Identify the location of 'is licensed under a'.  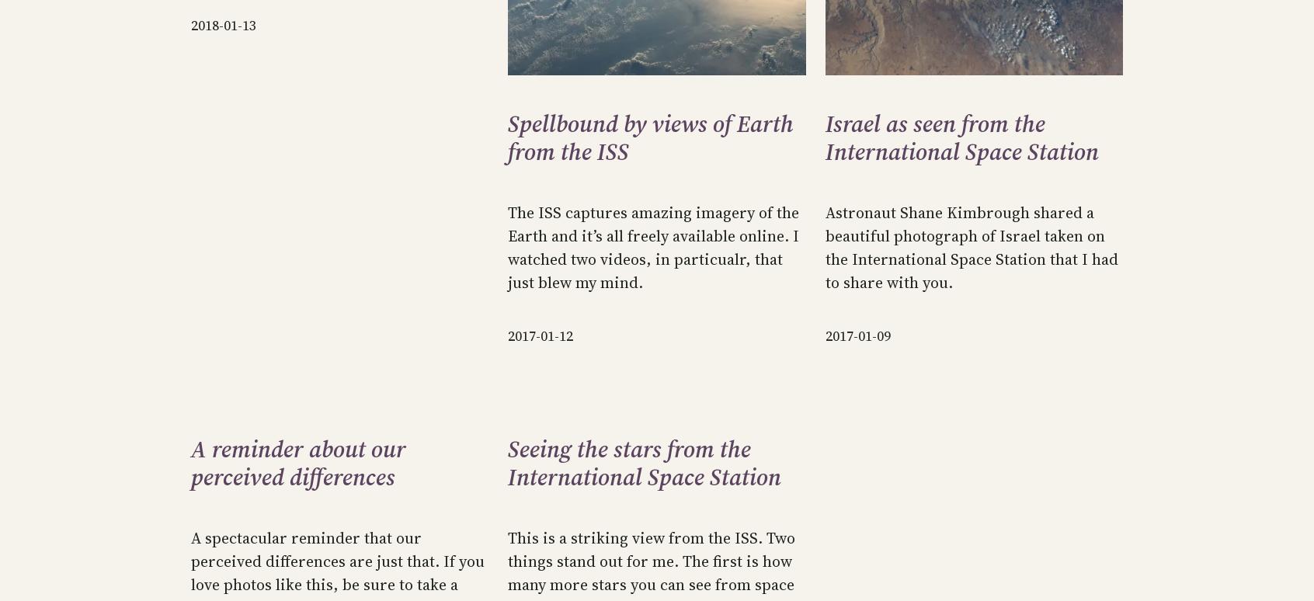
(1114, 35).